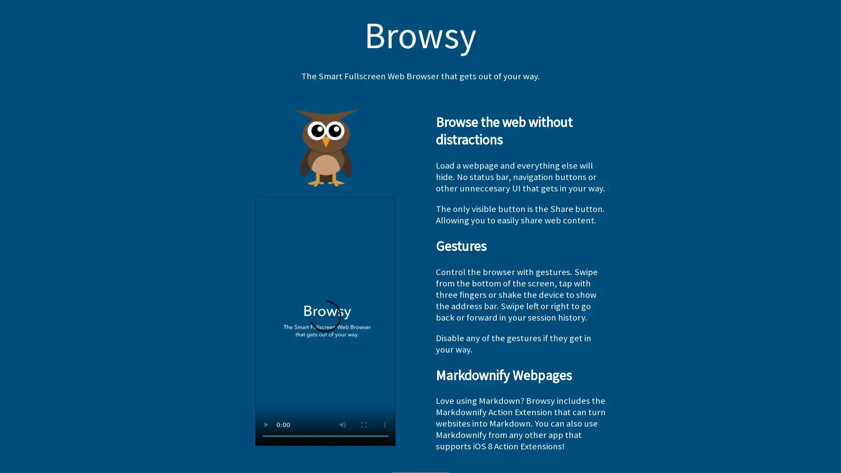  Describe the element at coordinates (342, 424) in the screenshot. I see `mute` at that location.